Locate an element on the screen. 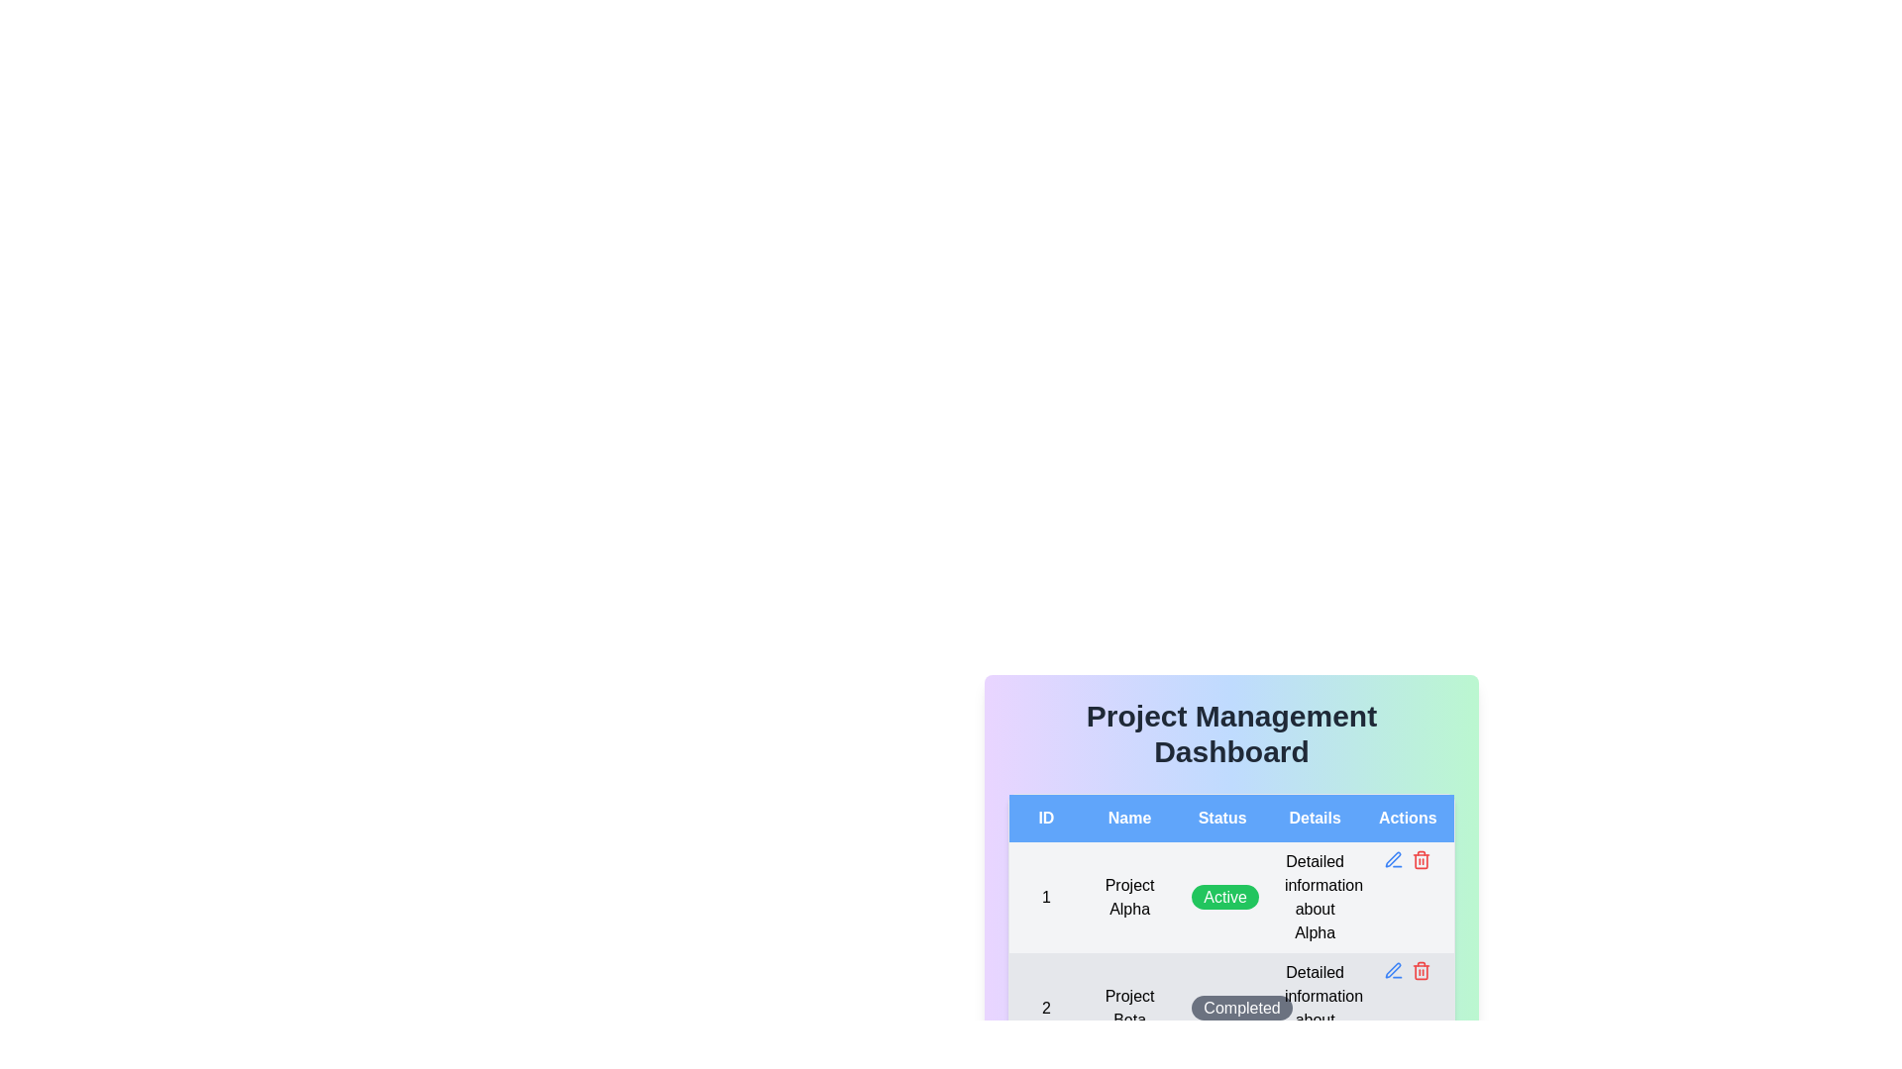 This screenshot has height=1069, width=1902. the first project summary row in the table is located at coordinates (1230, 897).